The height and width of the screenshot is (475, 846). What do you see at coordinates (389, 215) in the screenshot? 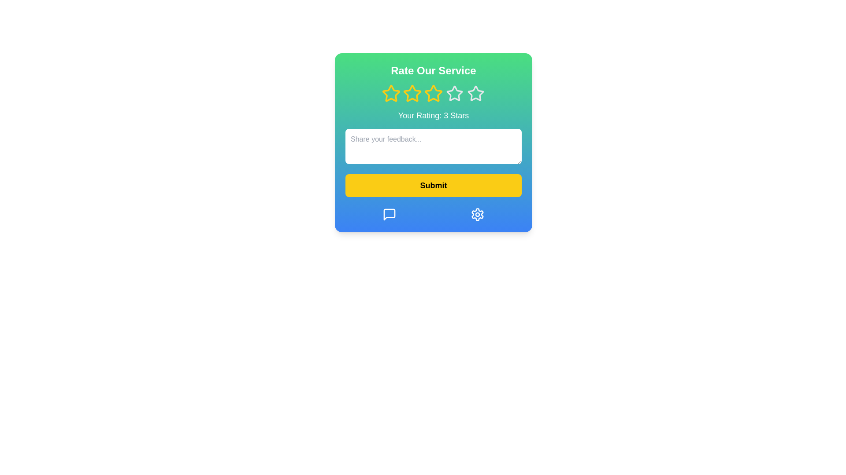
I see `the outlined speech bubble icon button located in the bottom-left corner of the card interface` at bounding box center [389, 215].